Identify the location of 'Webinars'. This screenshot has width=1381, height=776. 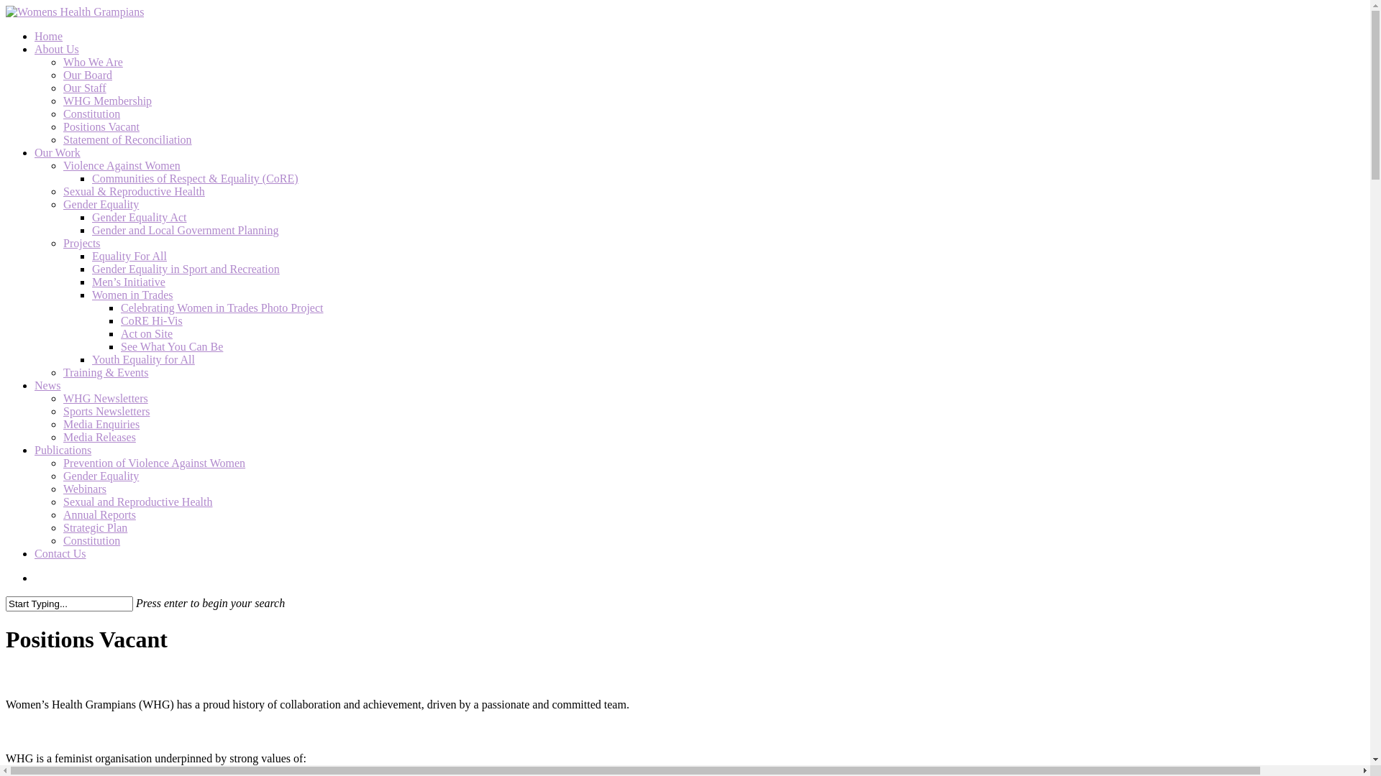
(62, 488).